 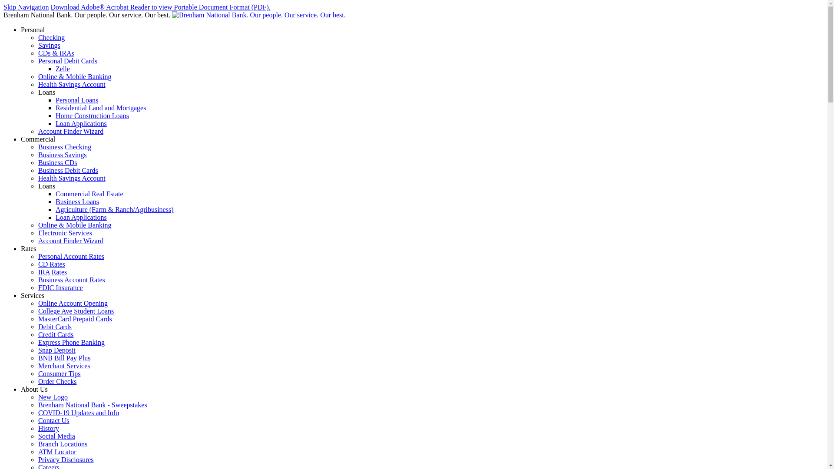 I want to click on 'IRA Rates', so click(x=52, y=271).